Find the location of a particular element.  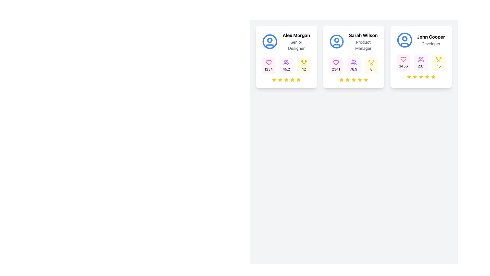

the text label that describes the job title for the profile of Alex Morgan, located in the first profile card, below the name and above the icons and statistics section is located at coordinates (296, 45).